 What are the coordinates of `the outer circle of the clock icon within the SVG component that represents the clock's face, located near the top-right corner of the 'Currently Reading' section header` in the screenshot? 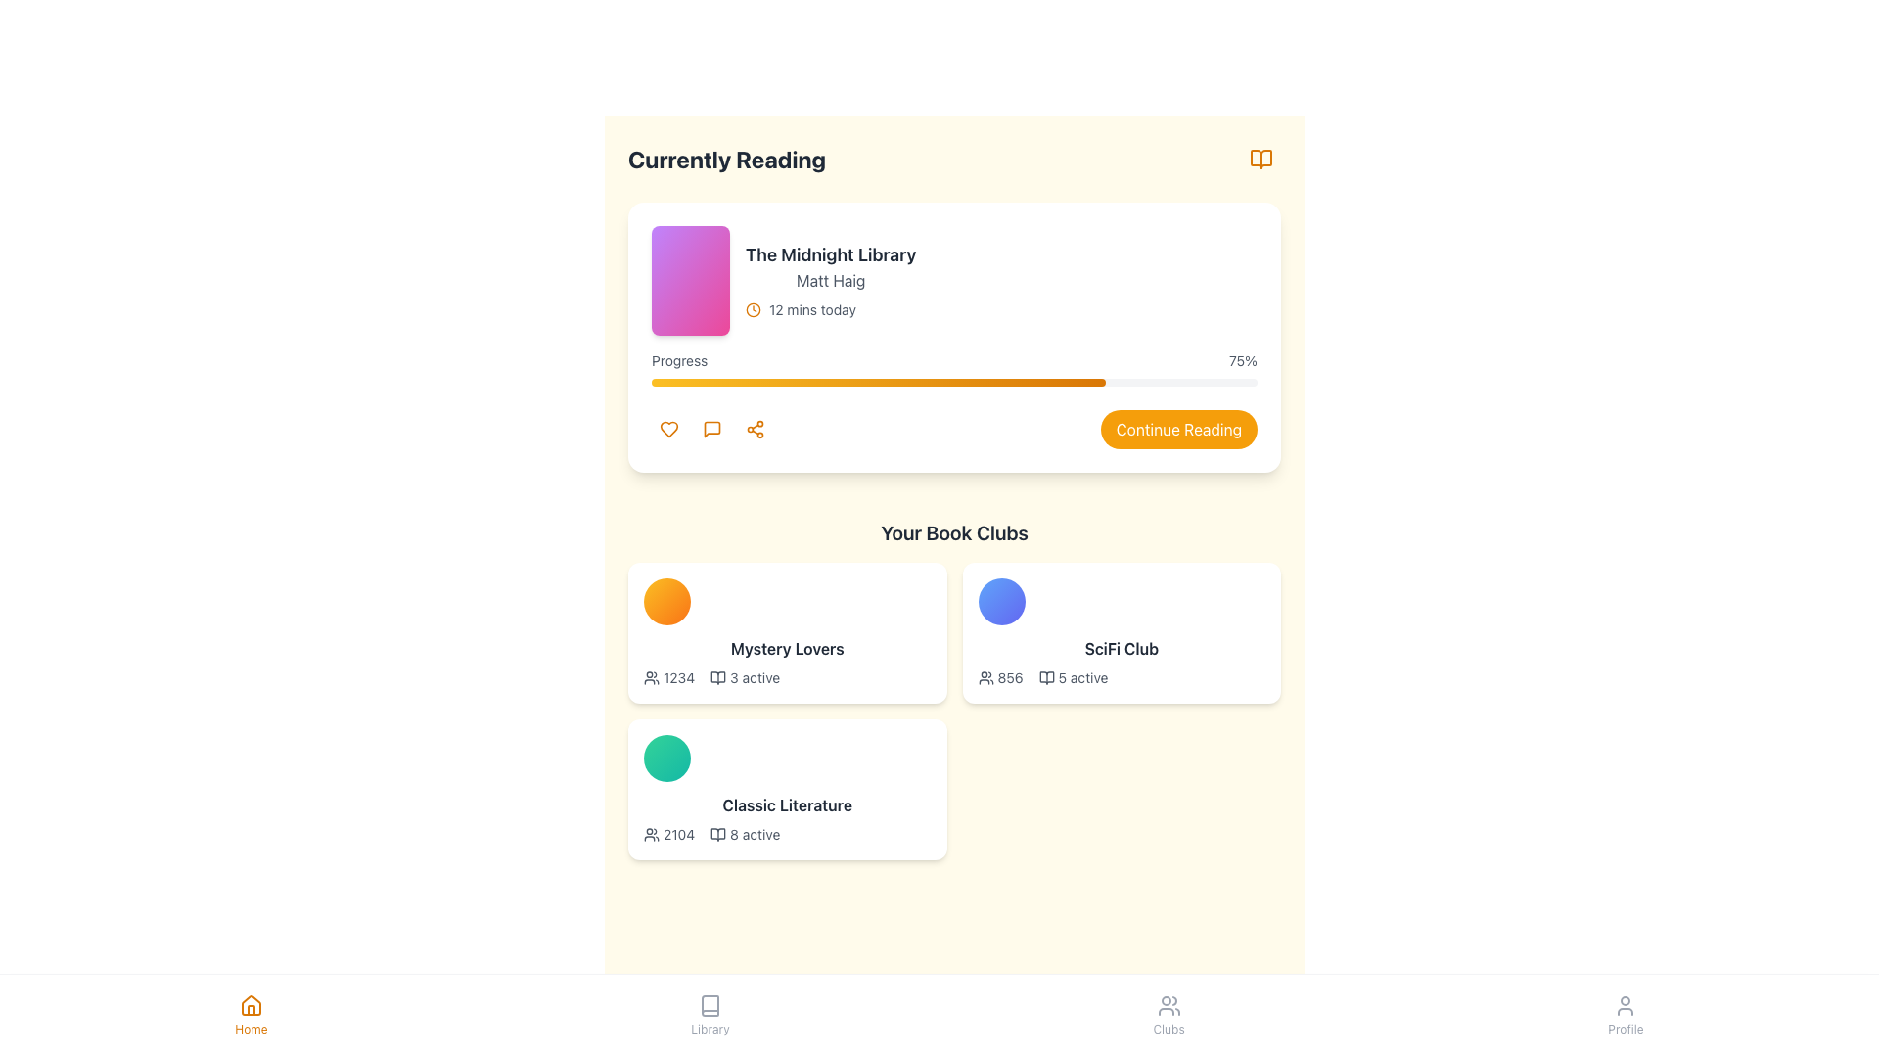 It's located at (752, 308).